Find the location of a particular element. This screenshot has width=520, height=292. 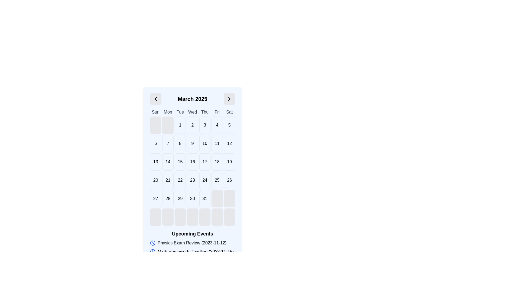

the calendar day tile representing the 8th day of the month, located in the third column of the second row beneath 'Tue' is located at coordinates (180, 143).